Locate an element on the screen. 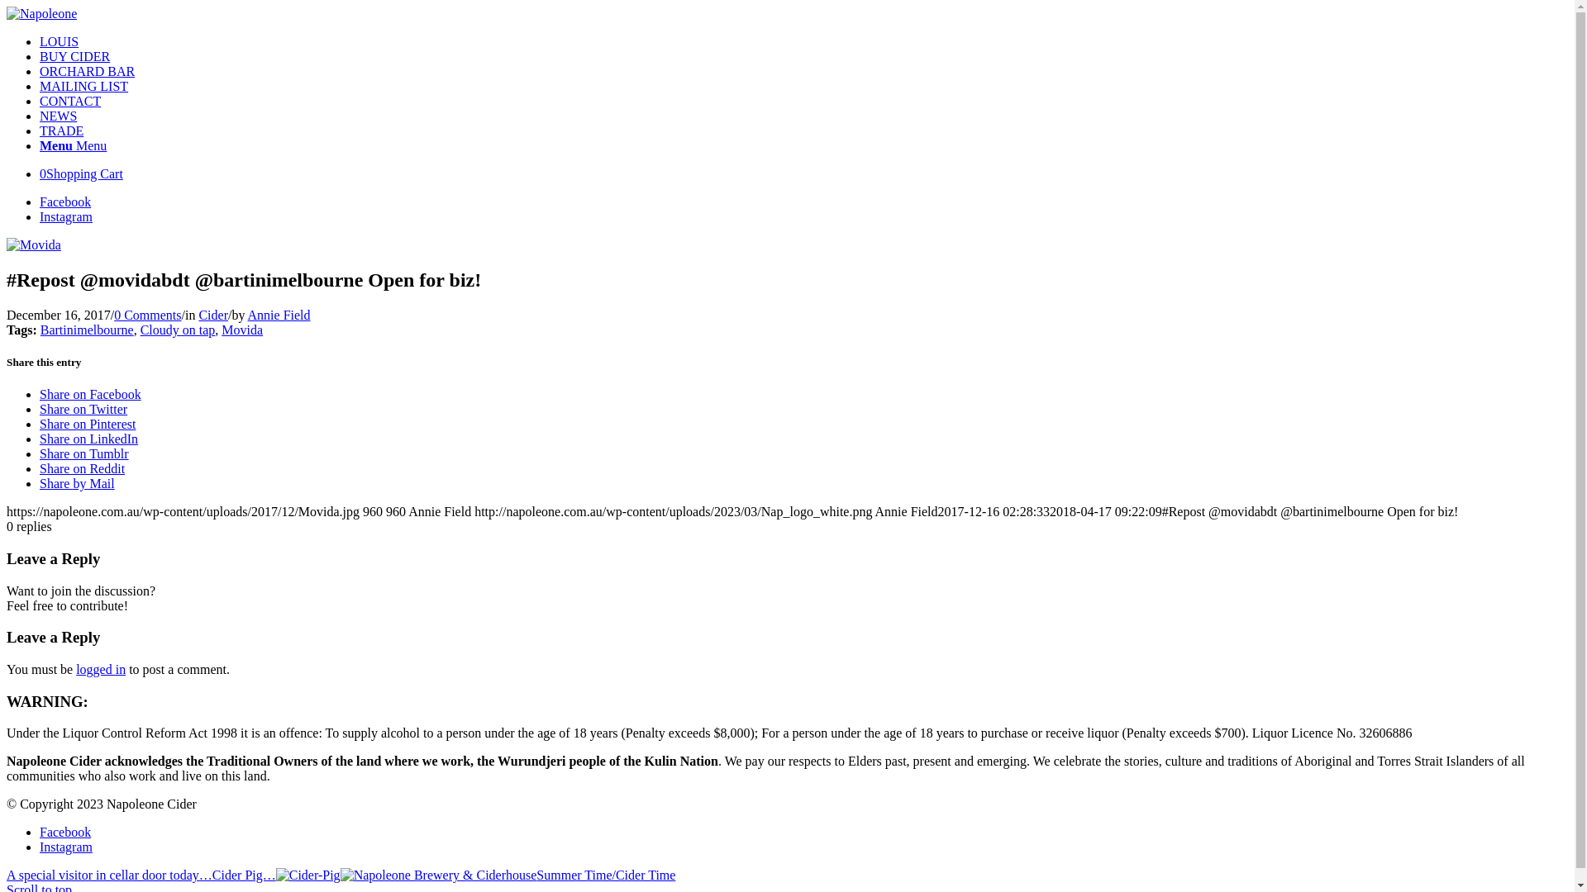 The width and height of the screenshot is (1587, 892). 'BUY CIDER' is located at coordinates (74, 55).